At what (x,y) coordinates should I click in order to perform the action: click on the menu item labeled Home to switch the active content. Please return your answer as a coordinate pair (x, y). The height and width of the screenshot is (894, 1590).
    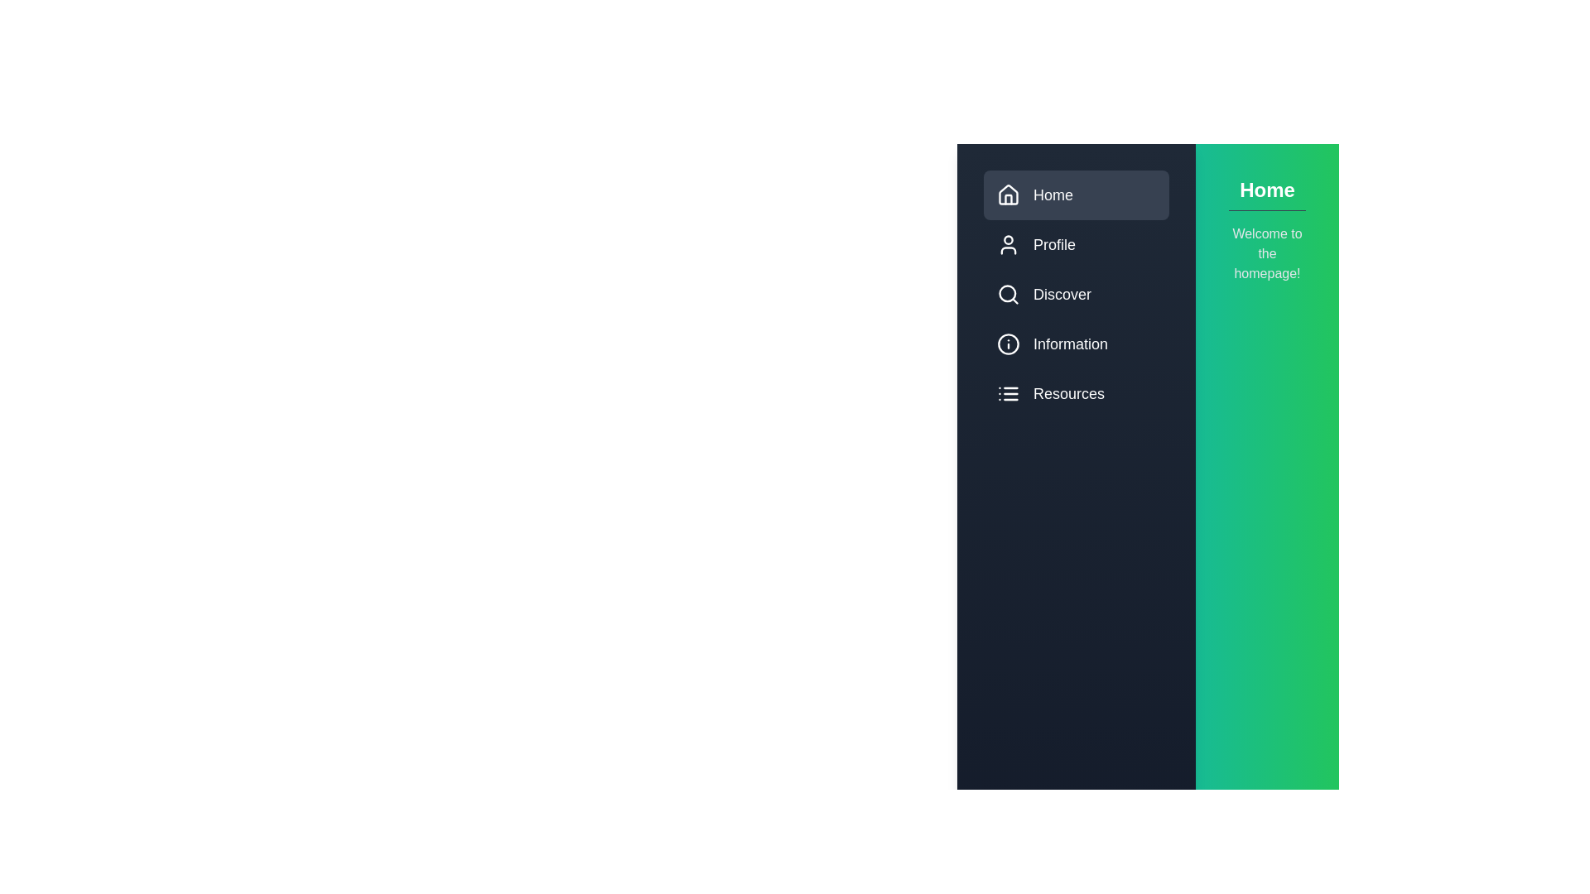
    Looking at the image, I should click on (1077, 194).